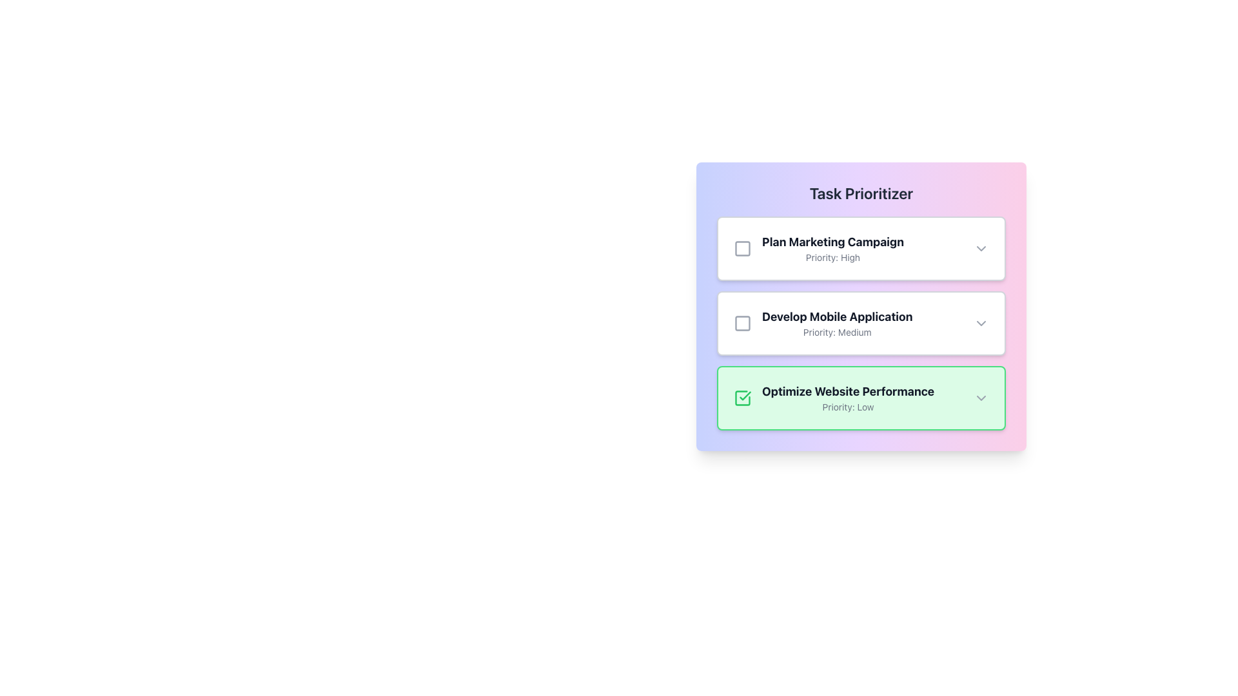 Image resolution: width=1238 pixels, height=696 pixels. What do you see at coordinates (848, 391) in the screenshot?
I see `the static text label that serves as the title of the third task card, which is highlighted in green and provides identification of the task's content` at bounding box center [848, 391].